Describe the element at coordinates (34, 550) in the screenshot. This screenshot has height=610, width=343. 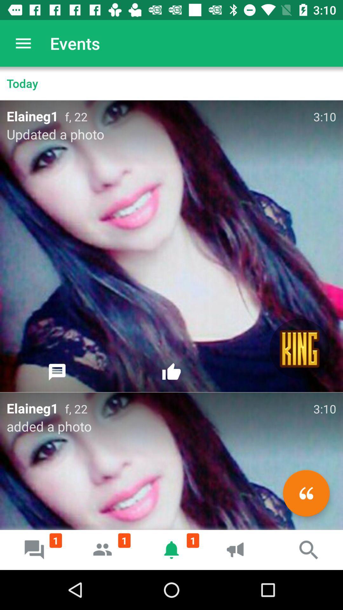
I see `message image at bottom left of the page` at that location.